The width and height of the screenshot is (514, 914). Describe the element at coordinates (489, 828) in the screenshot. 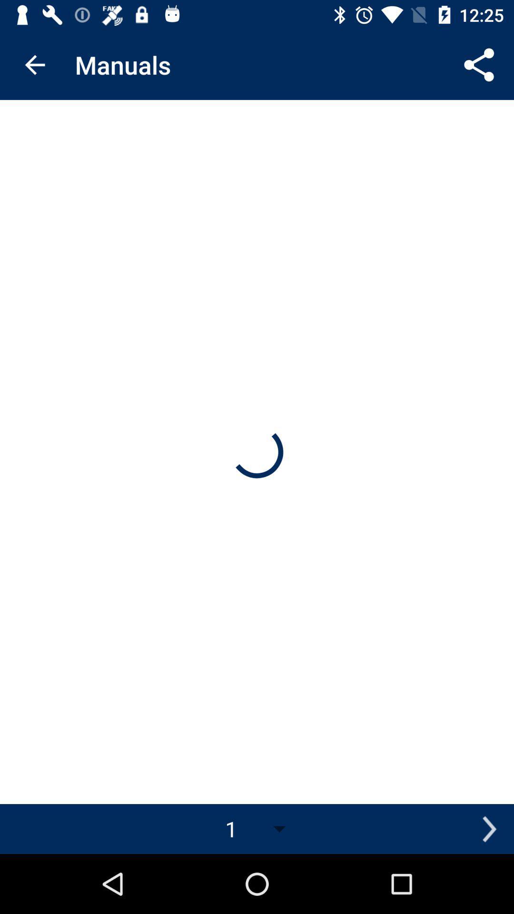

I see `next page` at that location.